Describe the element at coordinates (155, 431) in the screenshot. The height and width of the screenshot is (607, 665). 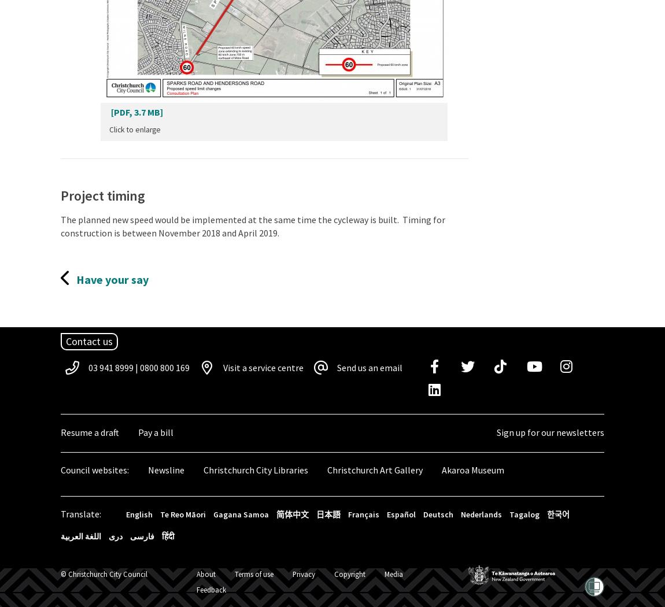
I see `'Pay a bill'` at that location.